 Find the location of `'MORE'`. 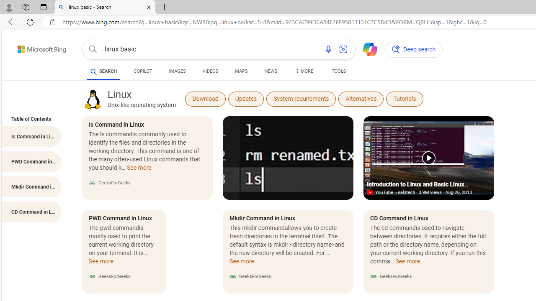

'MORE' is located at coordinates (303, 72).